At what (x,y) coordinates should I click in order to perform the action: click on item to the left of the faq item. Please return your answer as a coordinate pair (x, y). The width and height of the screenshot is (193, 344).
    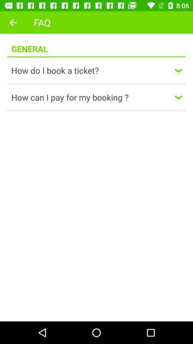
    Looking at the image, I should click on (13, 22).